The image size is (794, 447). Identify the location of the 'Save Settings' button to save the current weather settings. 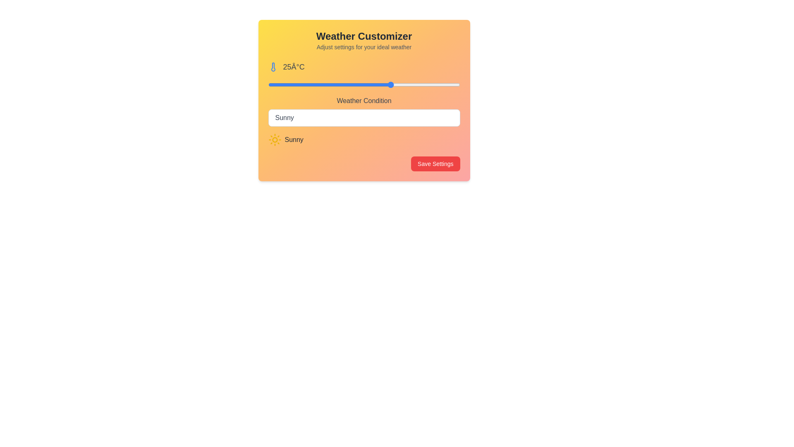
(435, 164).